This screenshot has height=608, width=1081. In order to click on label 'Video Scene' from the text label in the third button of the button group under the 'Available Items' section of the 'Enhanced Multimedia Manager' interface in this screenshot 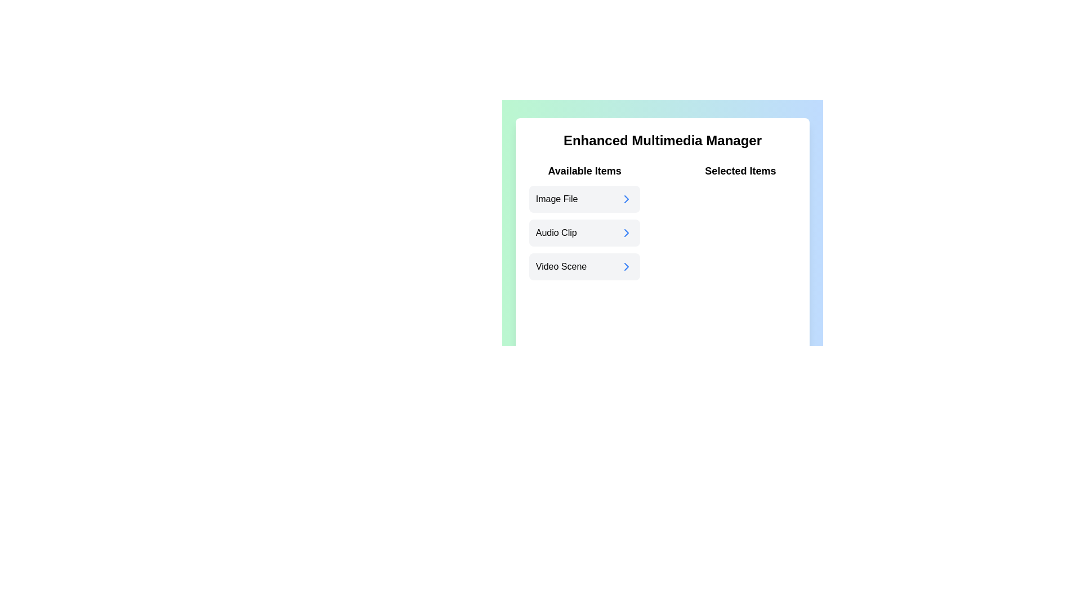, I will do `click(561, 267)`.